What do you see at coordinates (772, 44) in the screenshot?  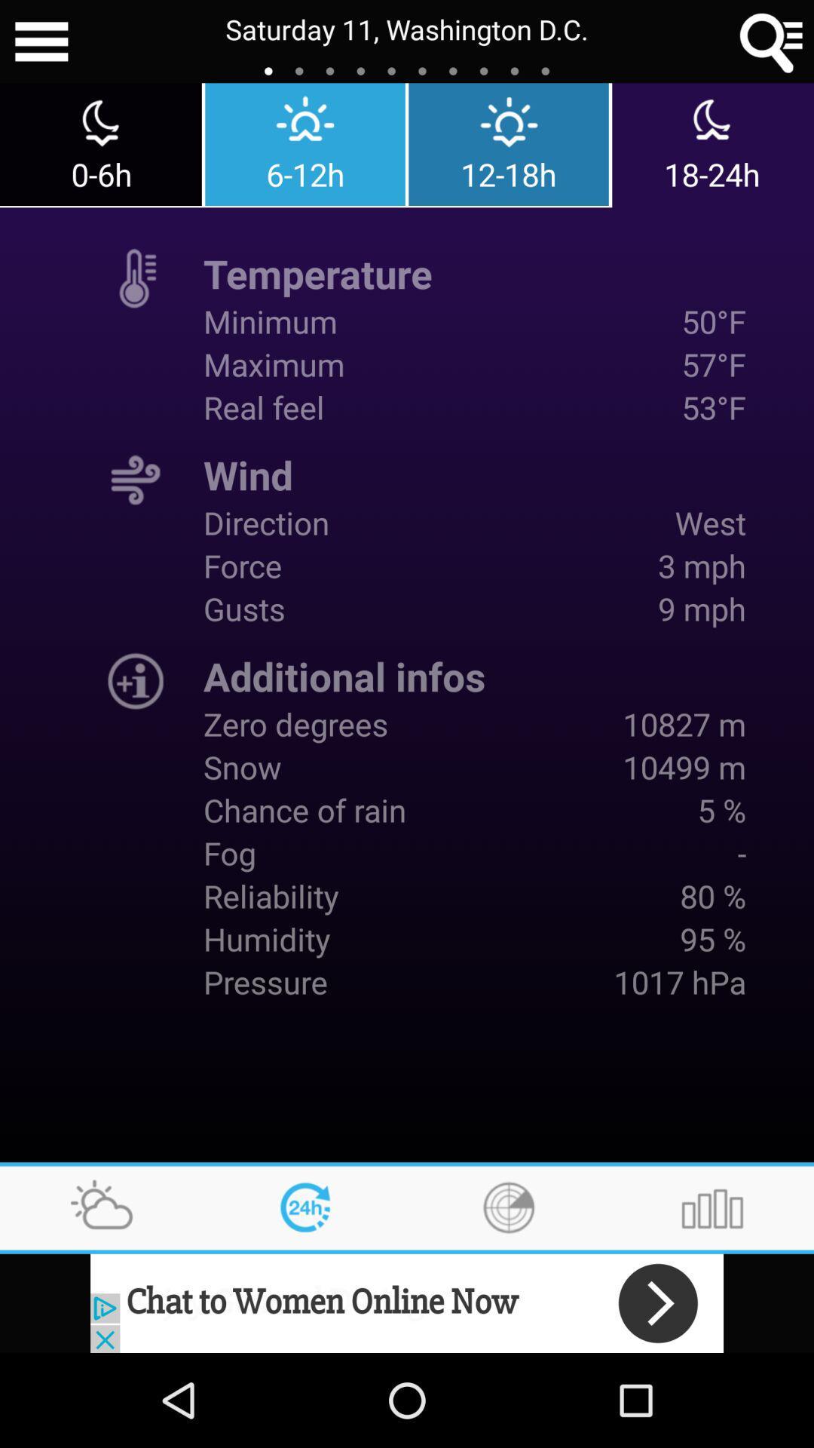 I see `the search icon` at bounding box center [772, 44].